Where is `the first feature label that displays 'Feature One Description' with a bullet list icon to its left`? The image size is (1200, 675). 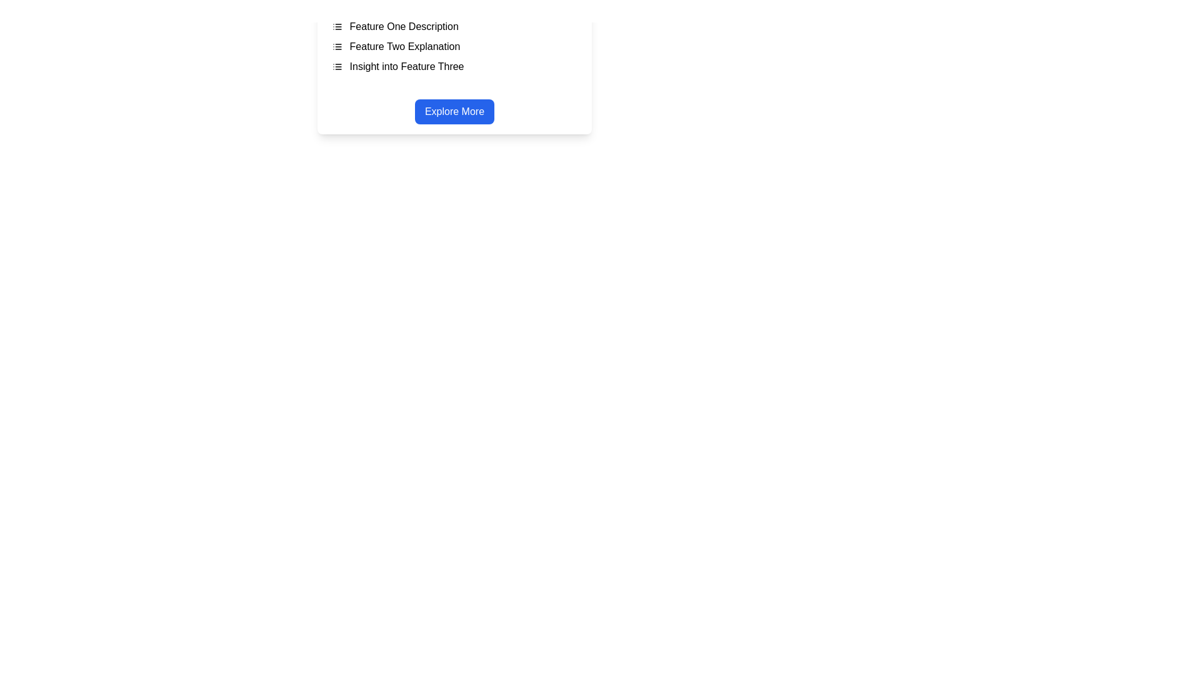 the first feature label that displays 'Feature One Description' with a bullet list icon to its left is located at coordinates (454, 26).